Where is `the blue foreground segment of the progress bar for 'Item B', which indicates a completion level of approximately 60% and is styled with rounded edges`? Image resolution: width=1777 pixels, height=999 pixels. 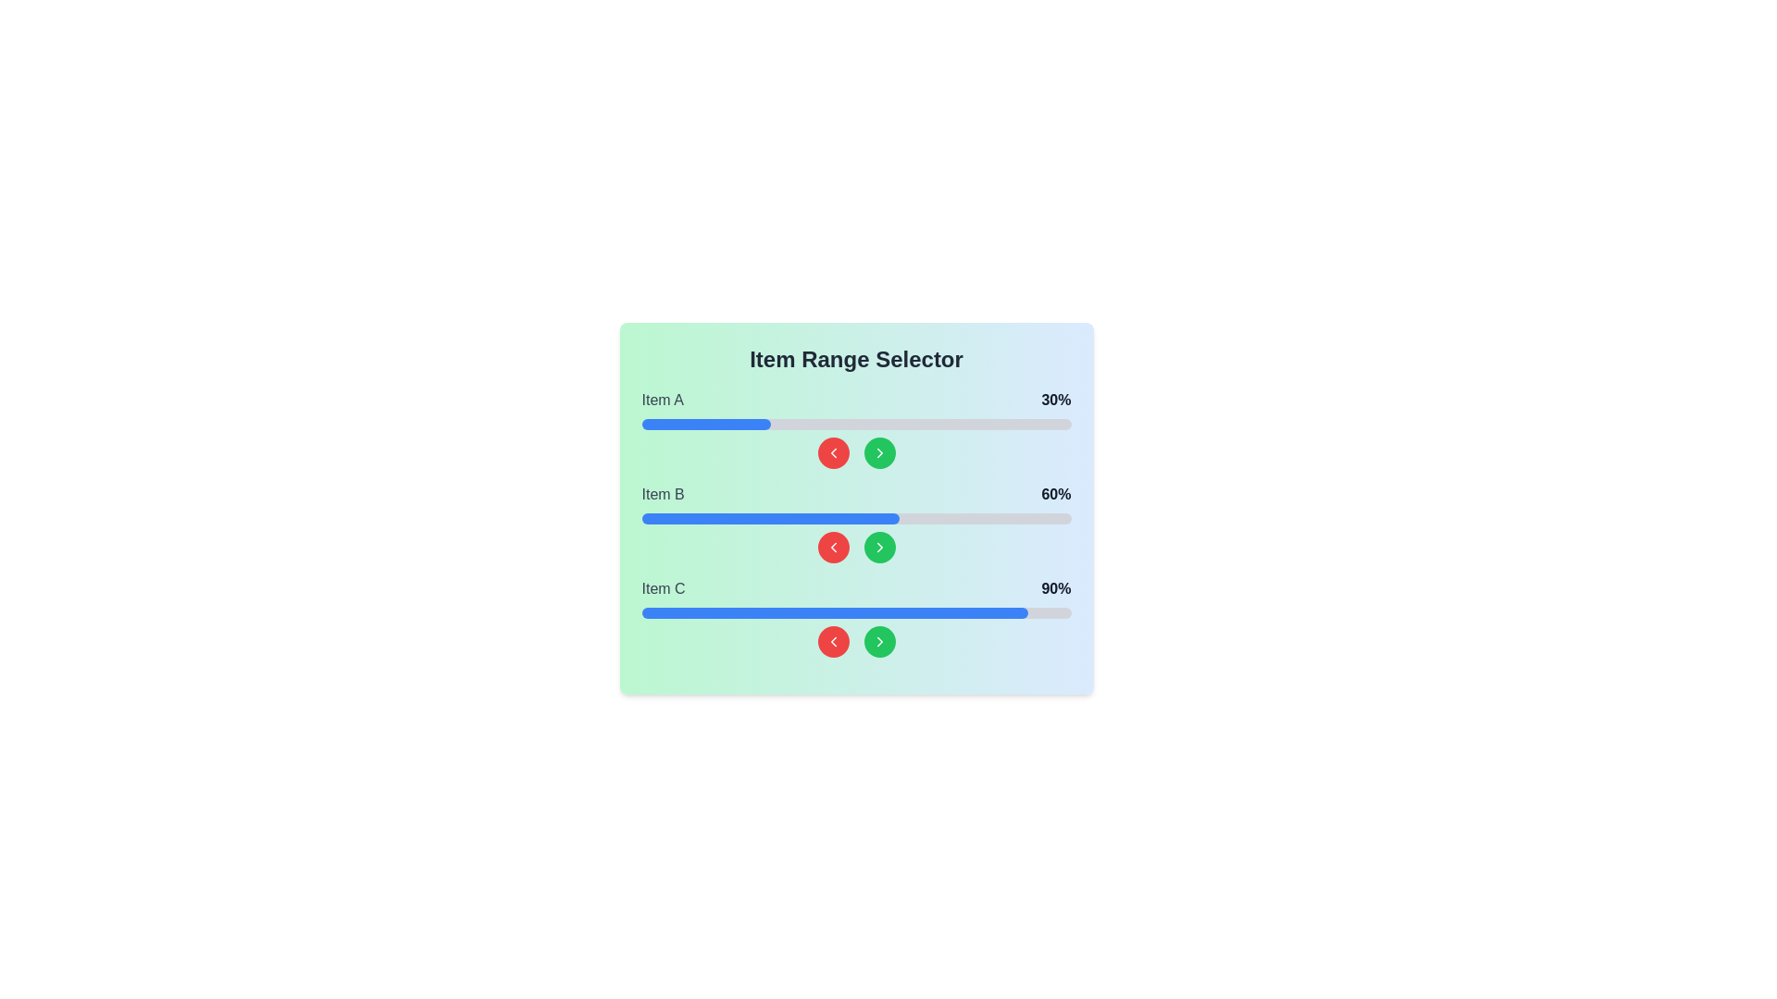
the blue foreground segment of the progress bar for 'Item B', which indicates a completion level of approximately 60% and is styled with rounded edges is located at coordinates (770, 518).